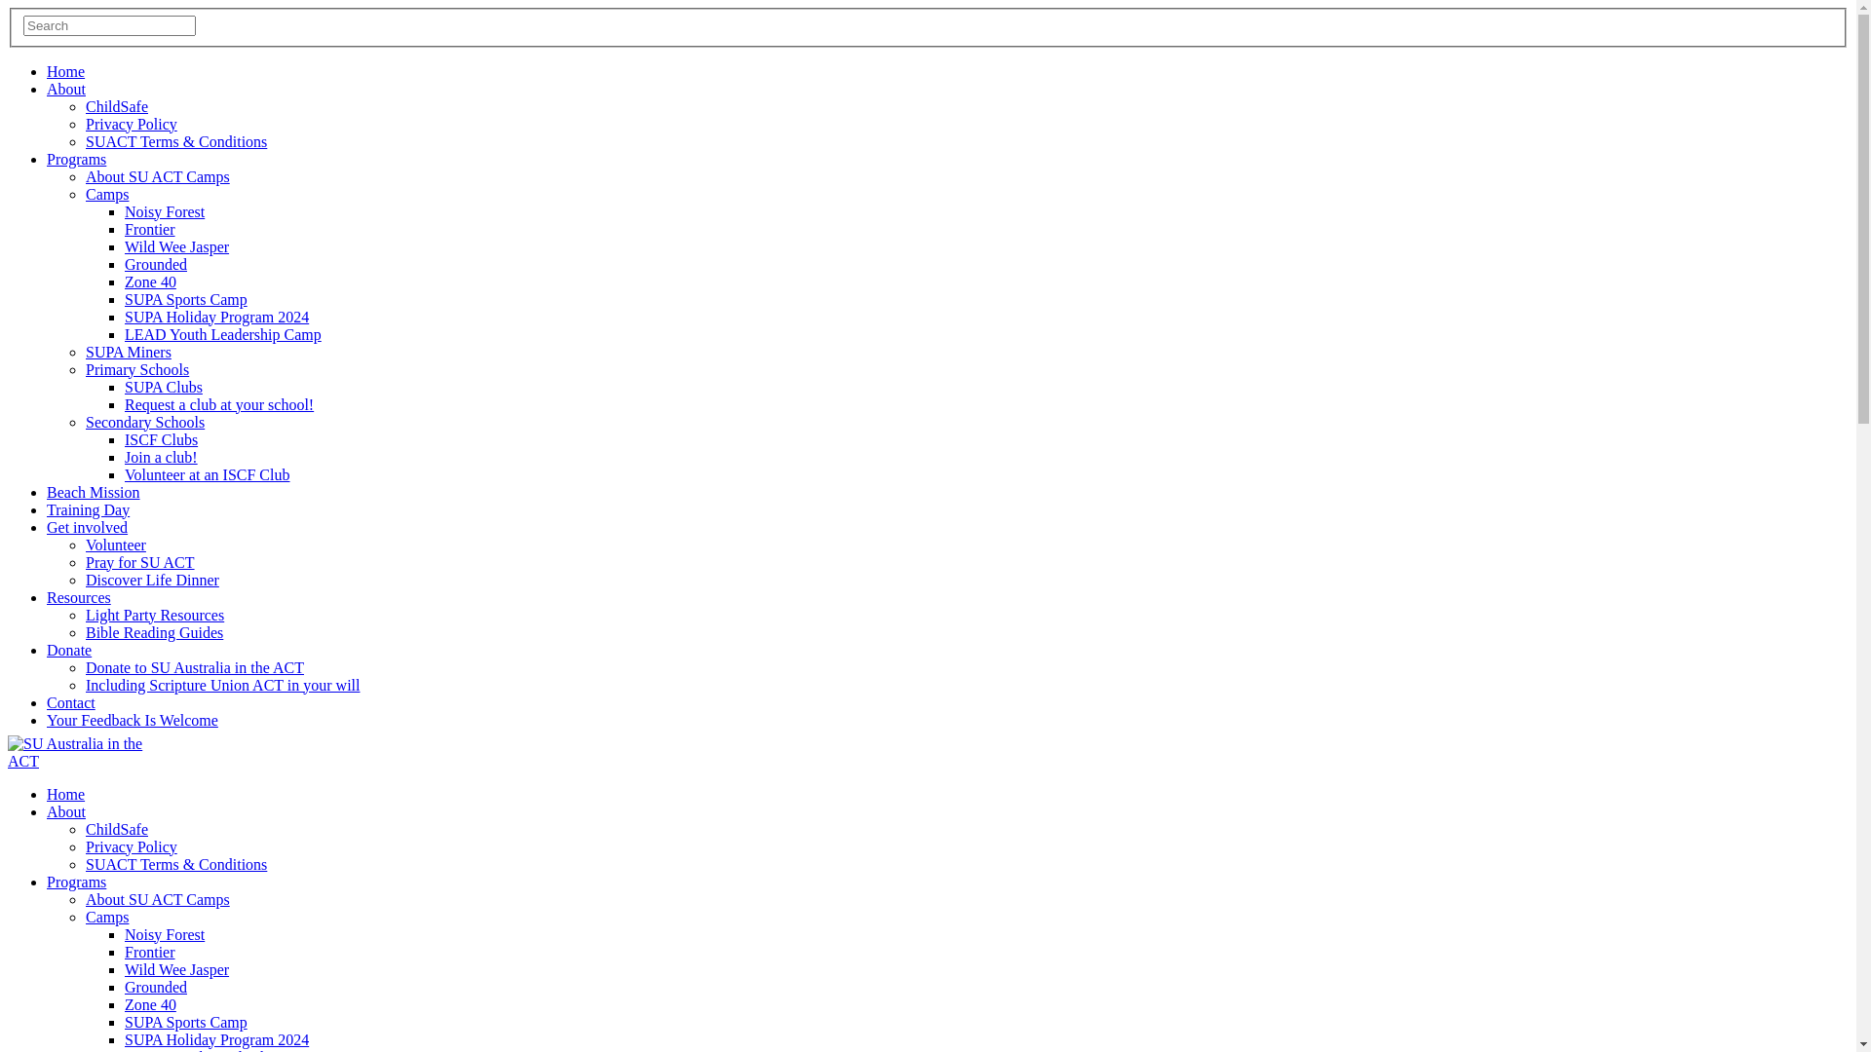  What do you see at coordinates (47, 702) in the screenshot?
I see `'Contact'` at bounding box center [47, 702].